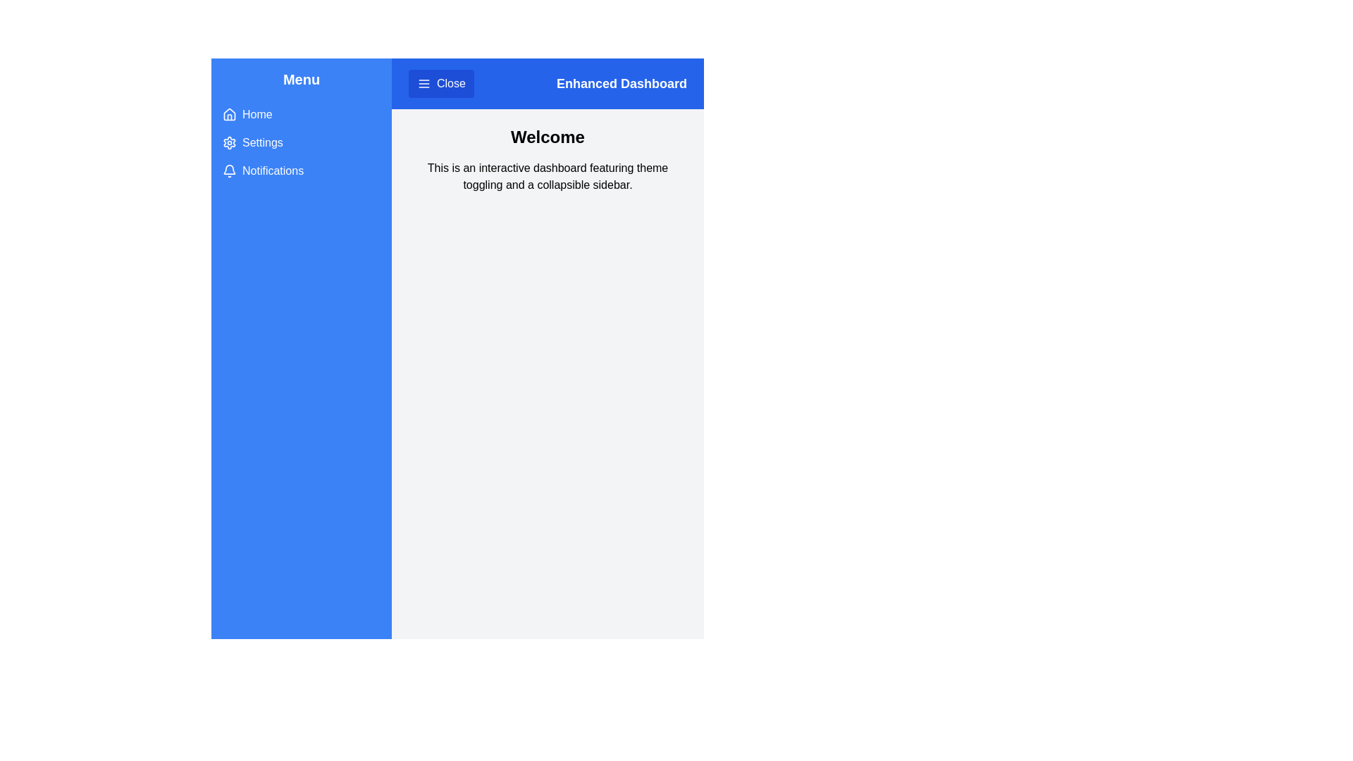 The height and width of the screenshot is (761, 1353). Describe the element at coordinates (230, 113) in the screenshot. I see `the blue home icon located in the sidebar menu, positioned to the left of the 'Home' text` at that location.